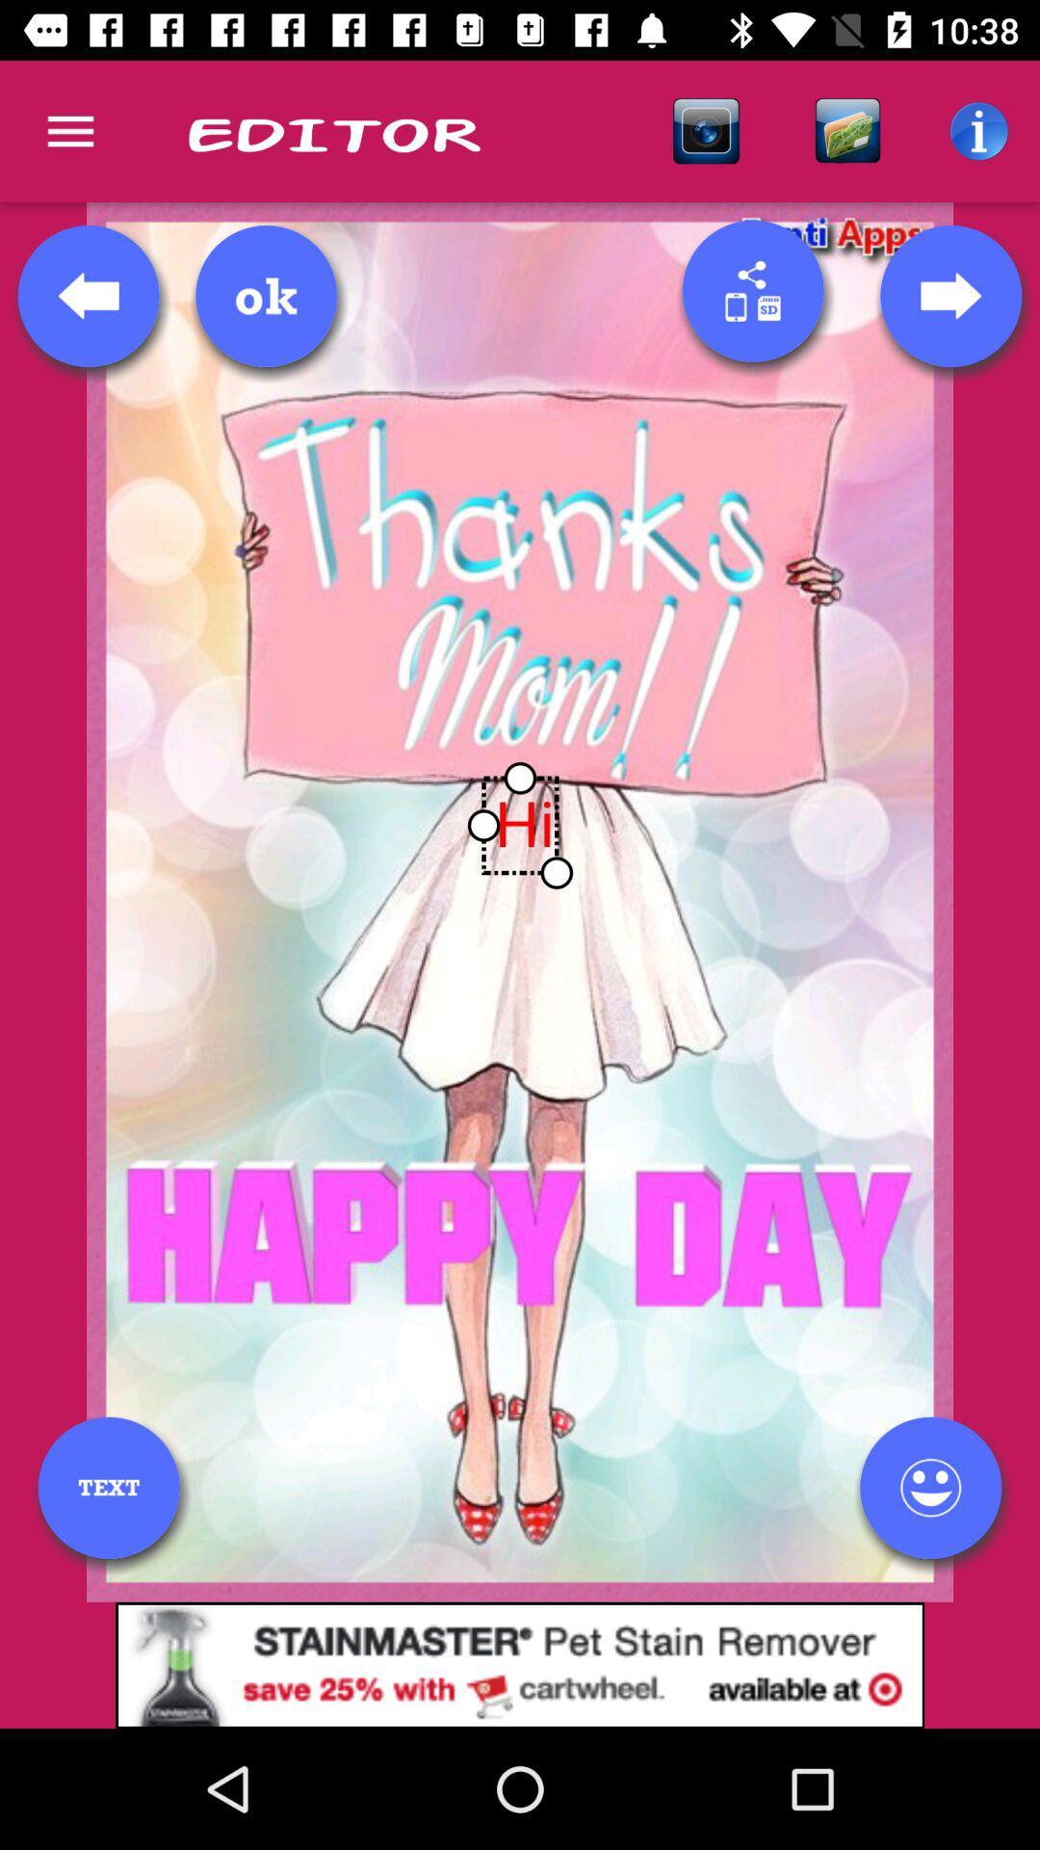  What do you see at coordinates (89, 295) in the screenshot?
I see `the arrow_backward icon` at bounding box center [89, 295].